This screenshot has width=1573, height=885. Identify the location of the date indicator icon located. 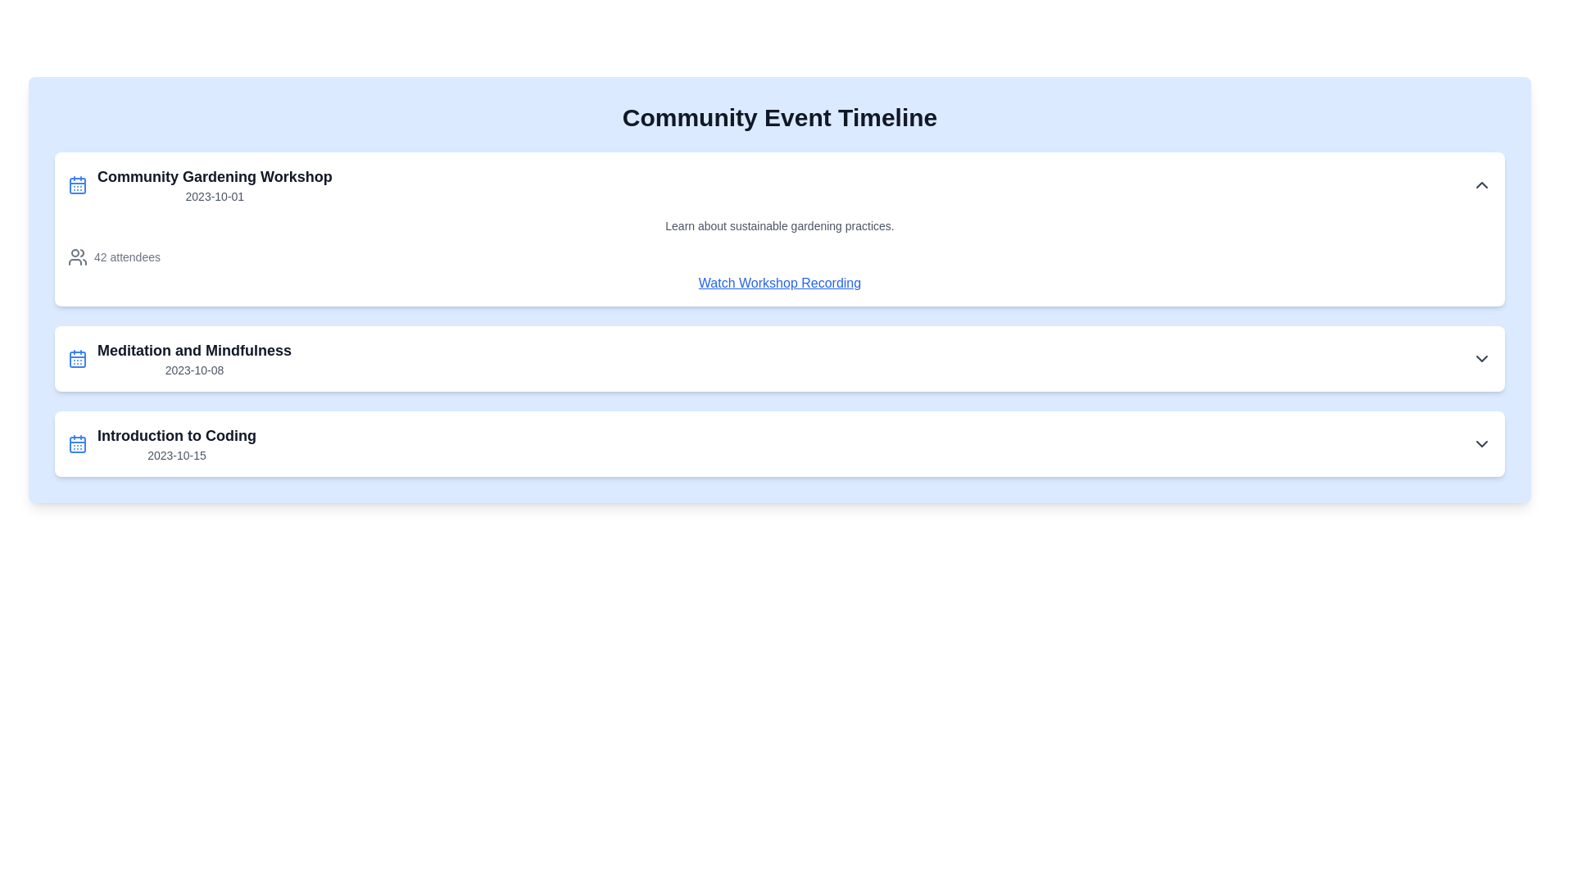
(77, 184).